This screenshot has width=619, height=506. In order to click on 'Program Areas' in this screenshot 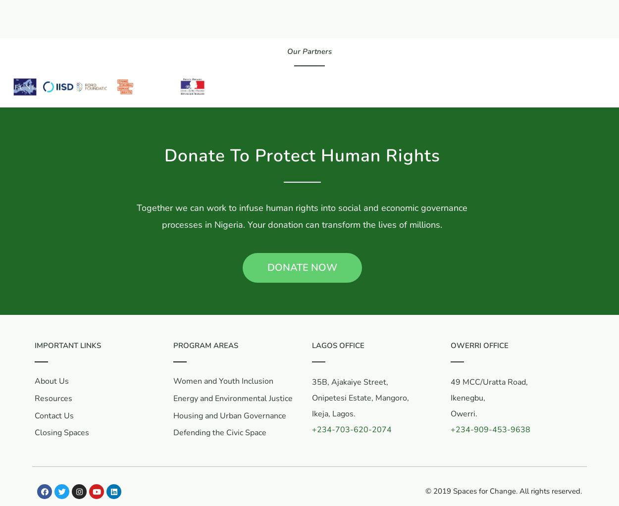, I will do `click(206, 346)`.